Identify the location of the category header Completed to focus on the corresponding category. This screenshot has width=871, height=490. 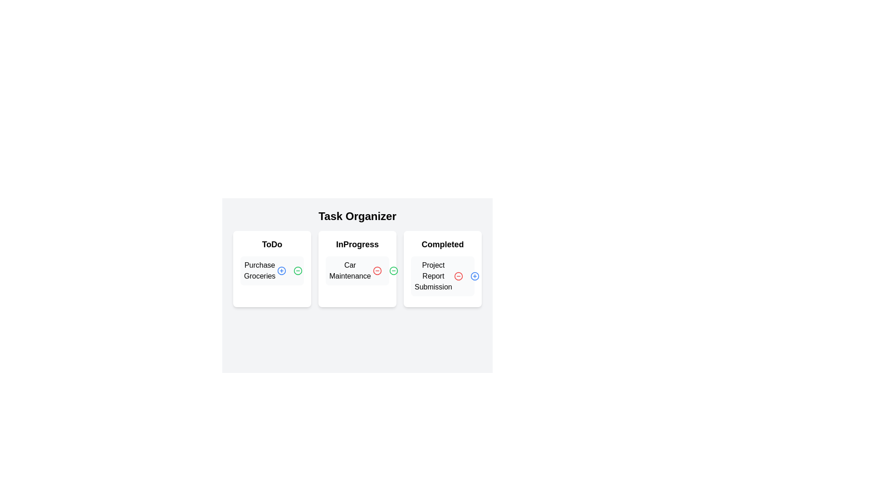
(442, 244).